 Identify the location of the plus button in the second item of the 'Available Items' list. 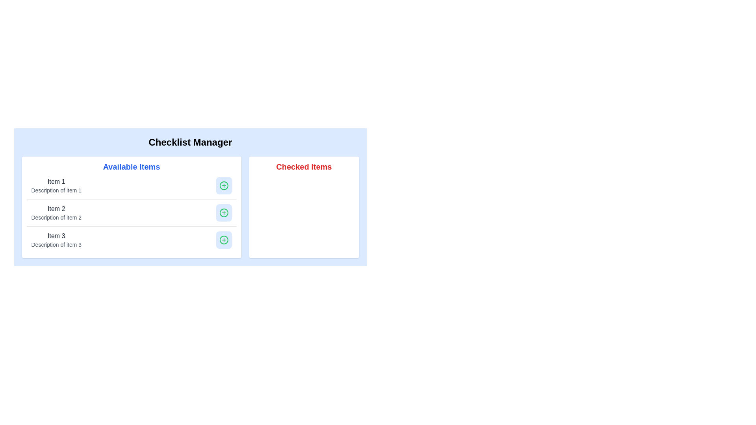
(190, 207).